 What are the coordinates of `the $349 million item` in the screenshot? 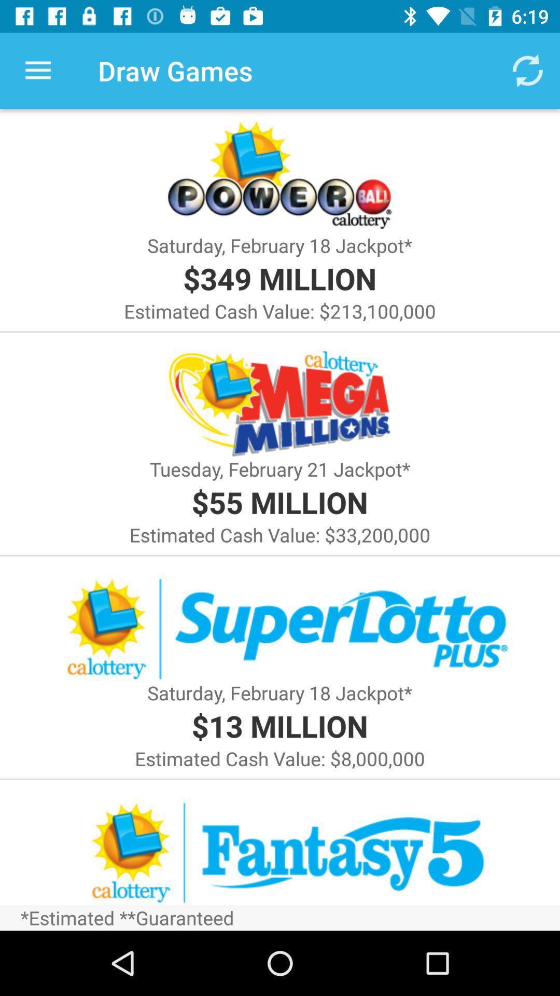 It's located at (279, 278).